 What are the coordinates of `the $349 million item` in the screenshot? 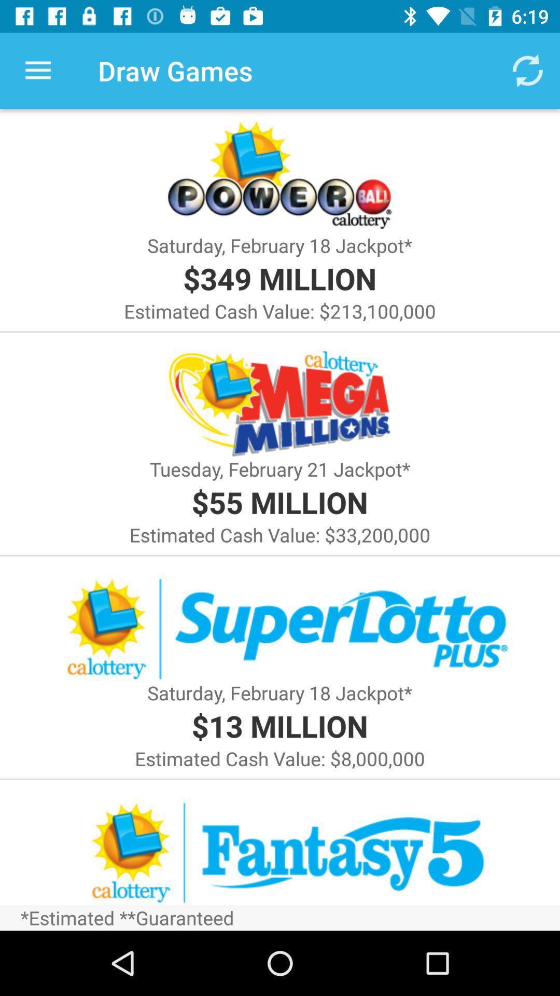 It's located at (279, 278).